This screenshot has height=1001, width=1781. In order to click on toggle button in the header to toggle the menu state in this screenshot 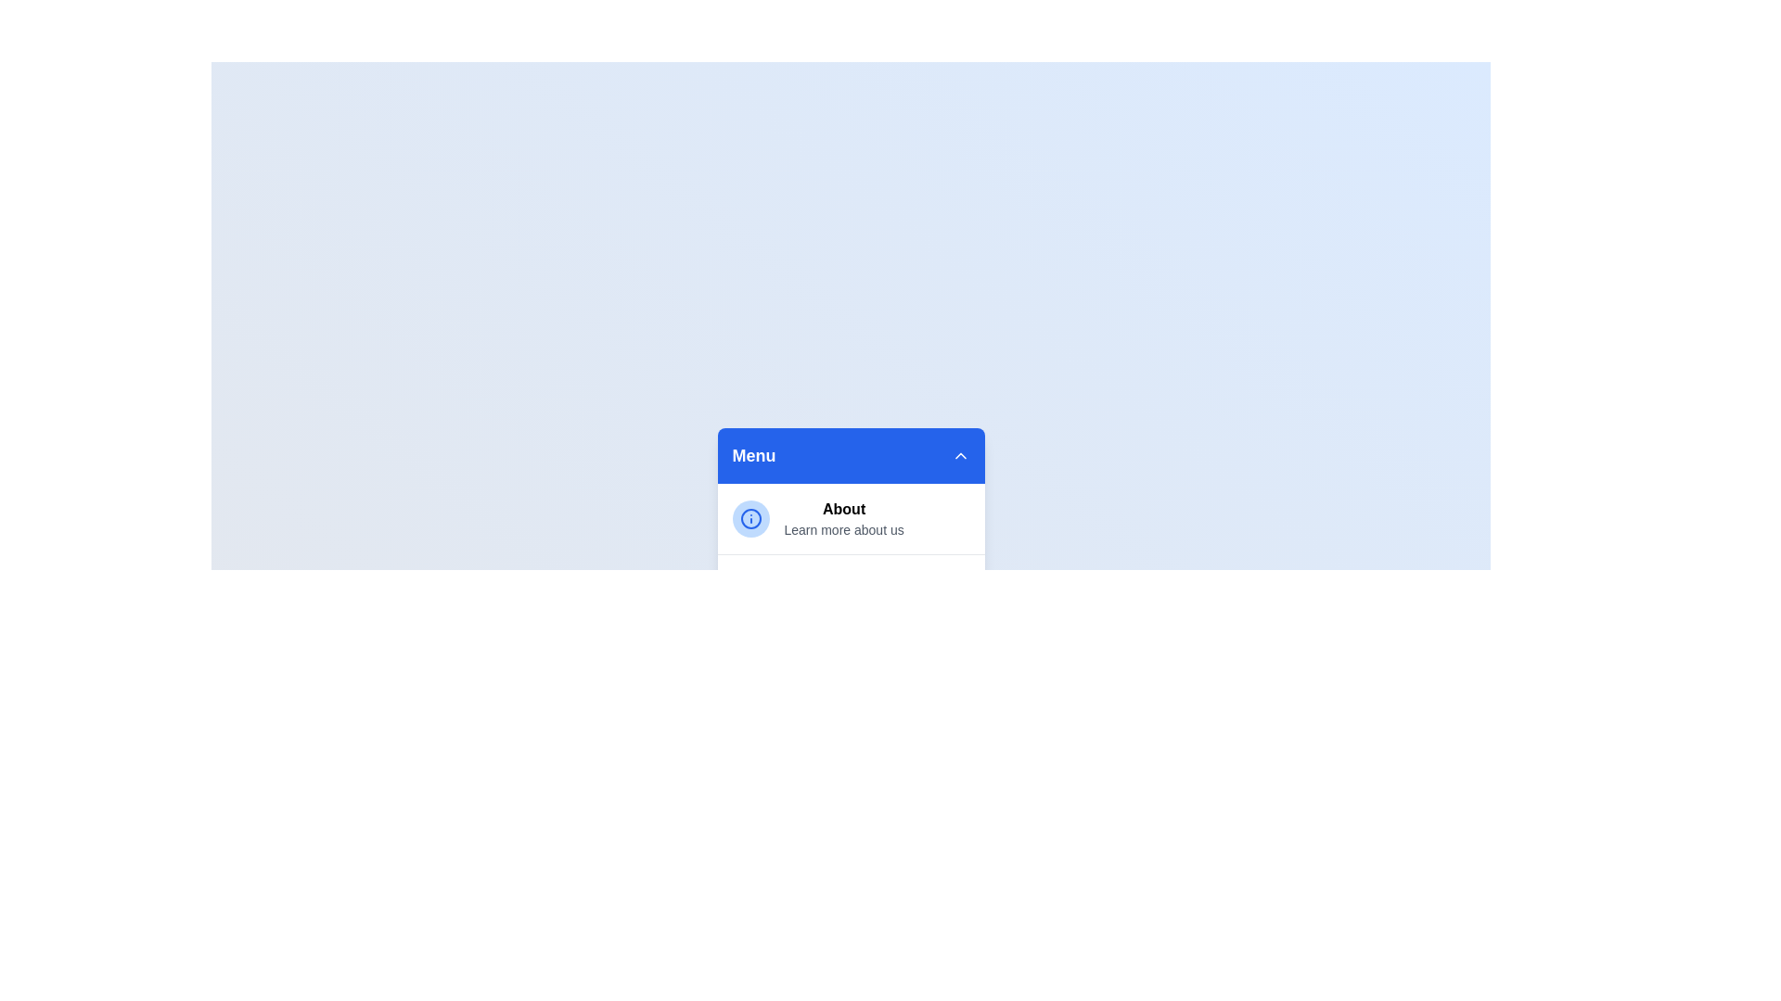, I will do `click(960, 456)`.